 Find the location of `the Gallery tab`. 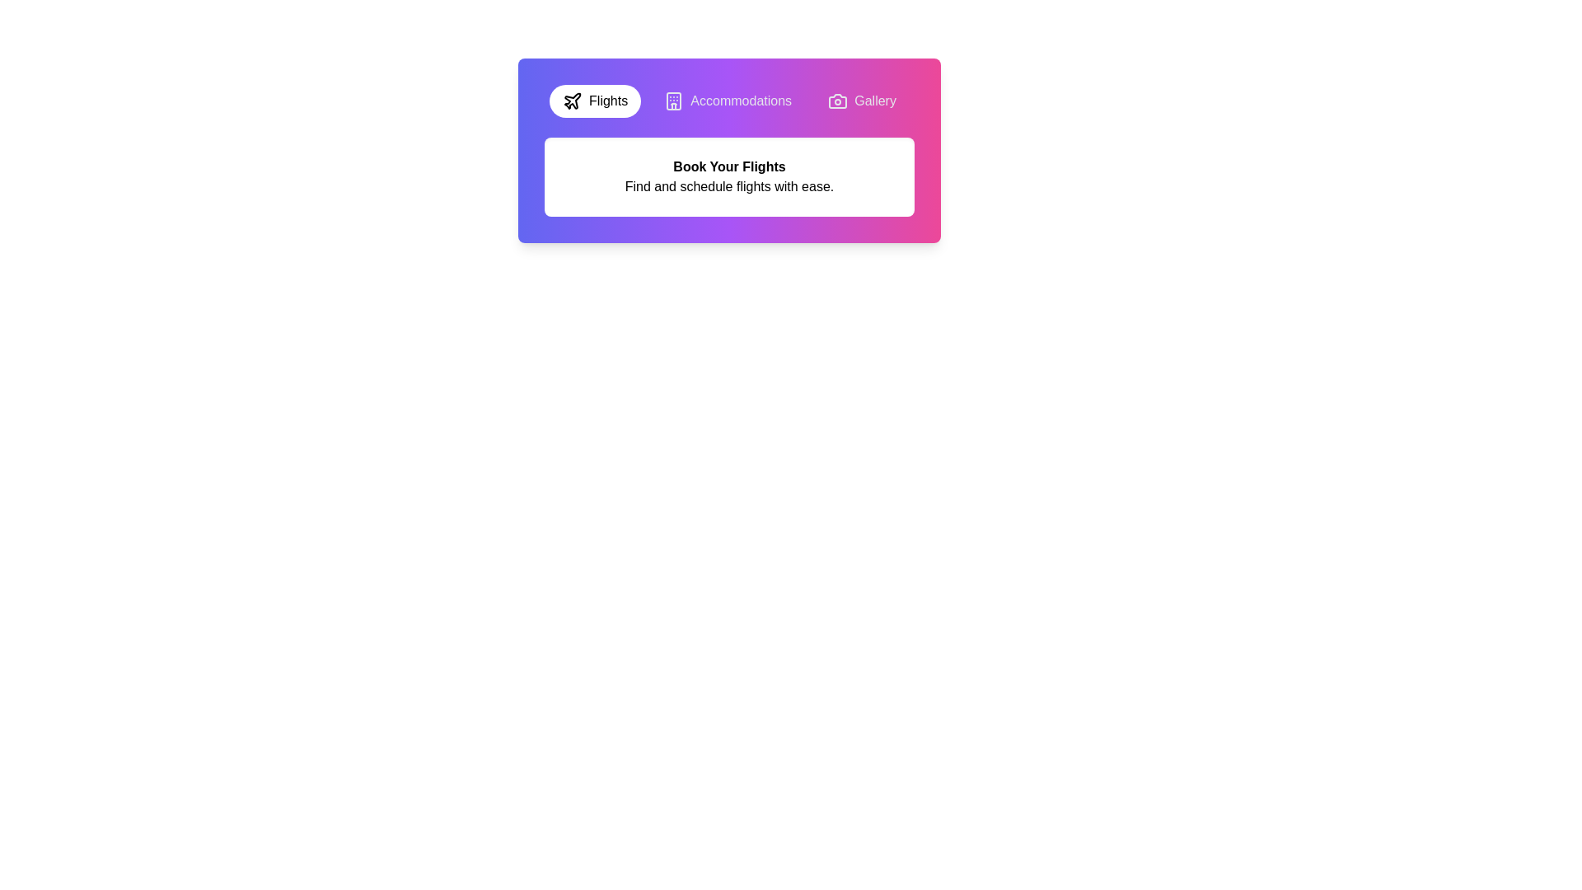

the Gallery tab is located at coordinates (861, 101).